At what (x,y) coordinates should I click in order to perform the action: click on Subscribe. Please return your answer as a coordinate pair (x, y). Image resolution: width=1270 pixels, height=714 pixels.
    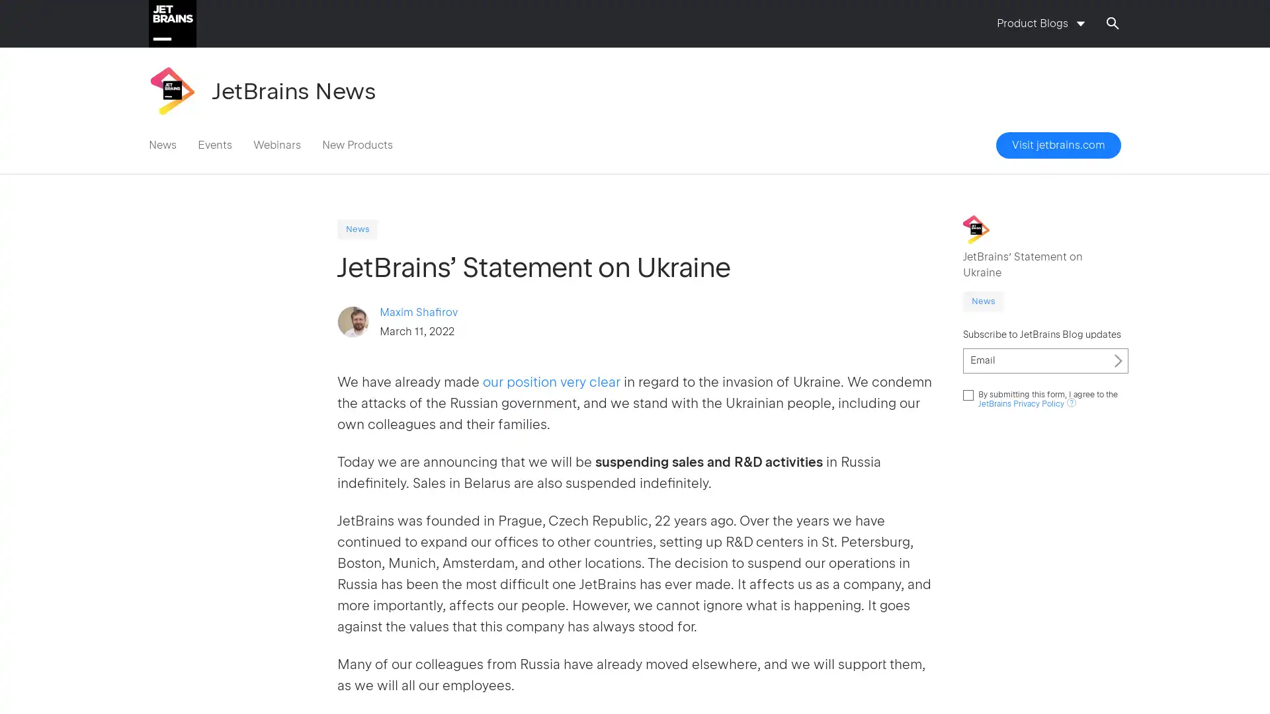
    Looking at the image, I should click on (1117, 360).